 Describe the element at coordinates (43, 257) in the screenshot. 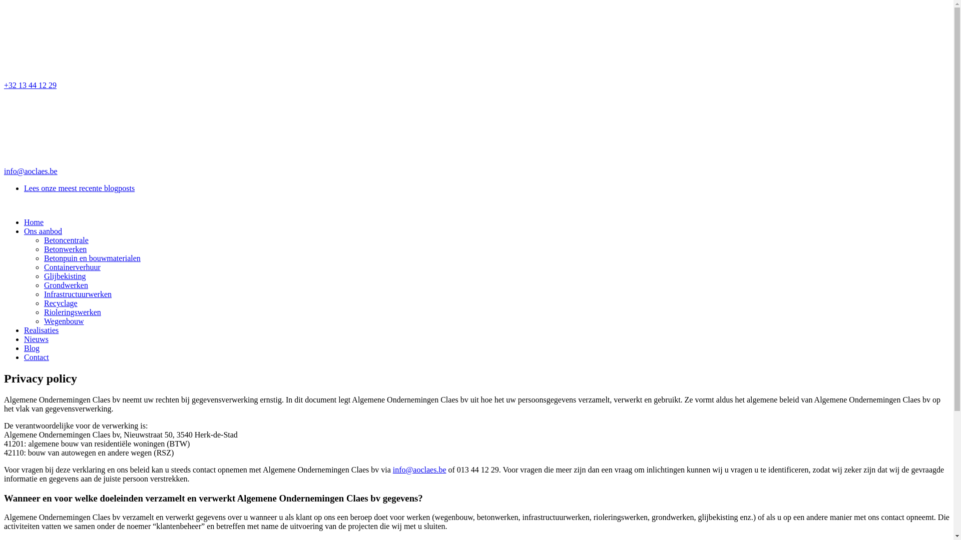

I see `'Betonpuin en bouwmaterialen'` at that location.